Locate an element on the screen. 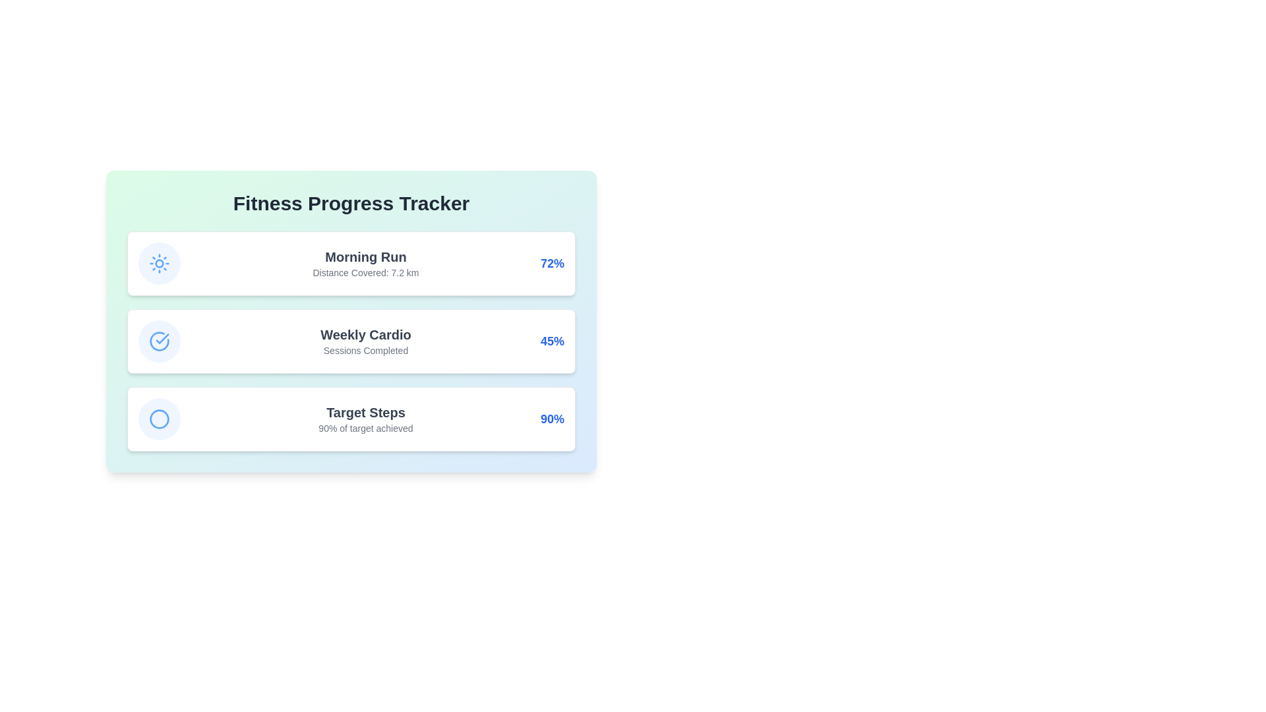  the filled circle icon at the center of the 'Morning Run' sun-like icon located at the upper left of the activity list is located at coordinates (158, 264).